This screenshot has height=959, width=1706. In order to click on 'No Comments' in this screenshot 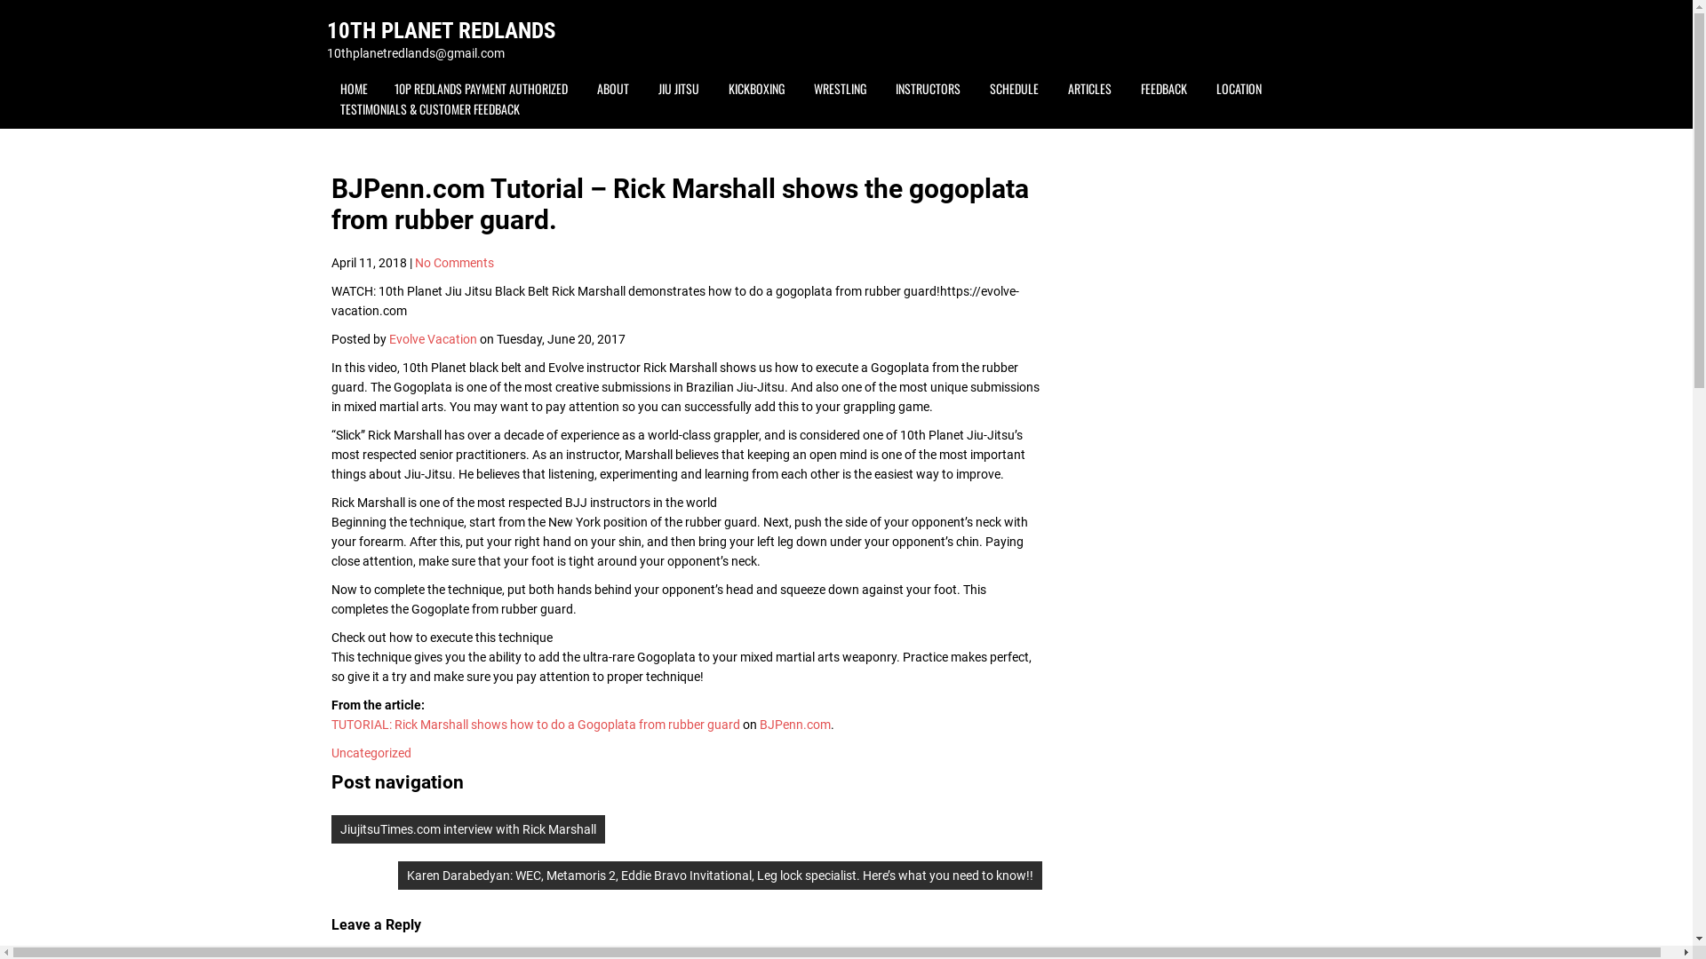, I will do `click(453, 263)`.